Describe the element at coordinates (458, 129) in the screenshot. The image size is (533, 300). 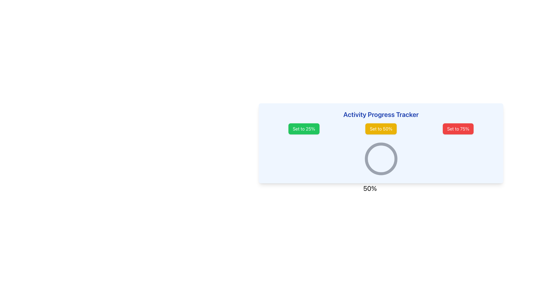
I see `the last button on the right under the 'Activity Progress Tracker' header to set the progress indicator to 75%` at that location.